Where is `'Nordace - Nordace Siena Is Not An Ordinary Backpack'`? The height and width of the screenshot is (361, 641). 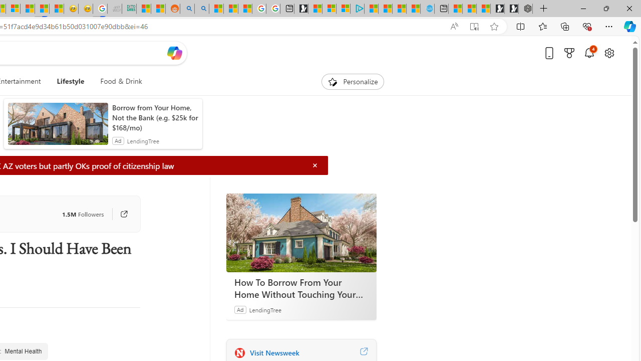
'Nordace - Nordace Siena Is Not An Ordinary Backpack' is located at coordinates (525, 9).